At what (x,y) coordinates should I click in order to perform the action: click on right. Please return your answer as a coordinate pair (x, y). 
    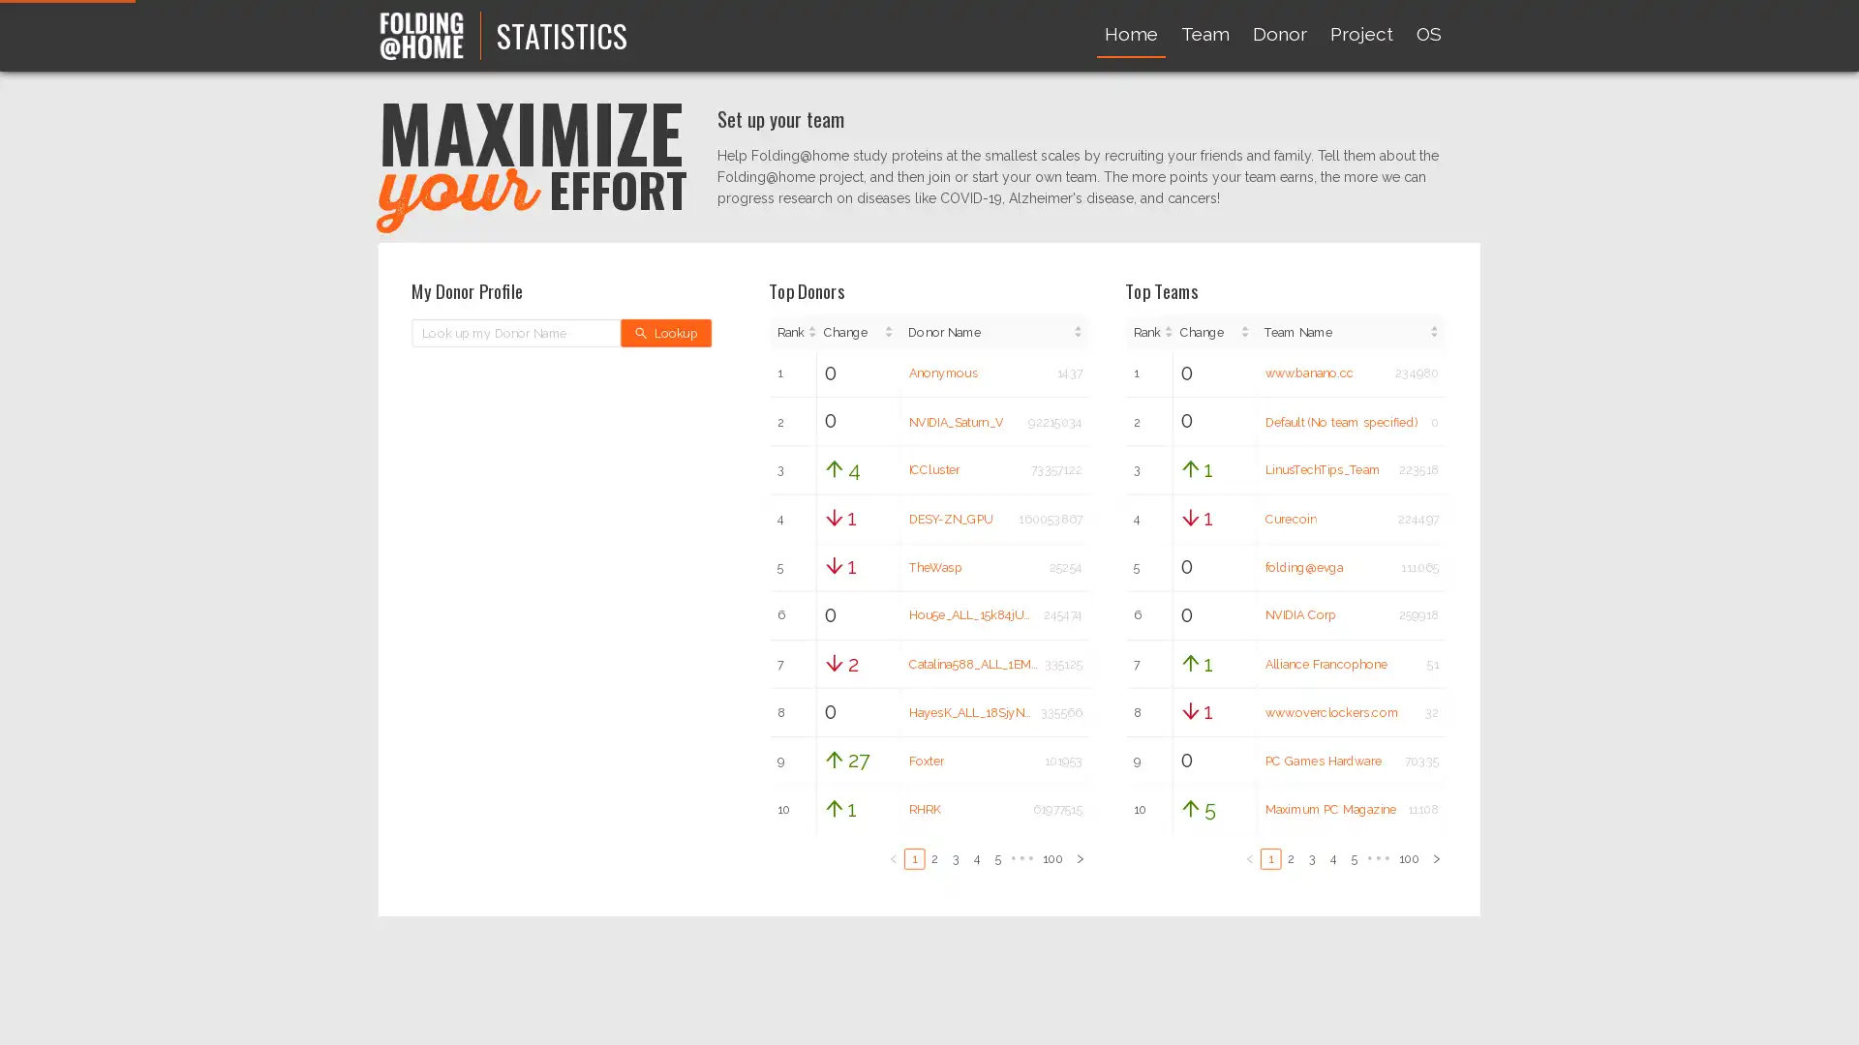
    Looking at the image, I should click on (1078, 856).